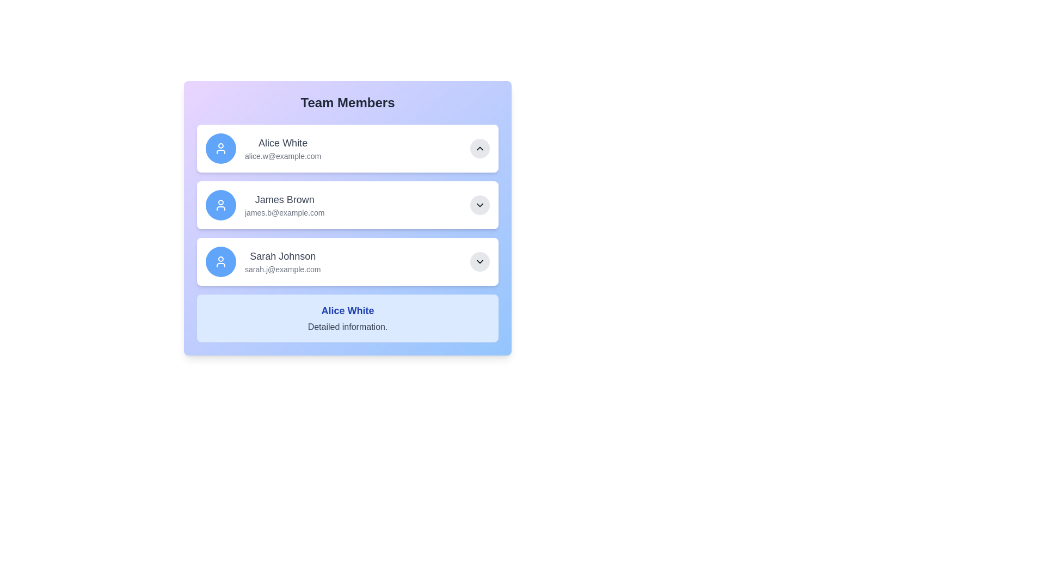 This screenshot has height=588, width=1045. I want to click on the chevron-down icon within the circular button on the right side of the list item's header for 'James Brown' to observe visual feedback, so click(480, 205).